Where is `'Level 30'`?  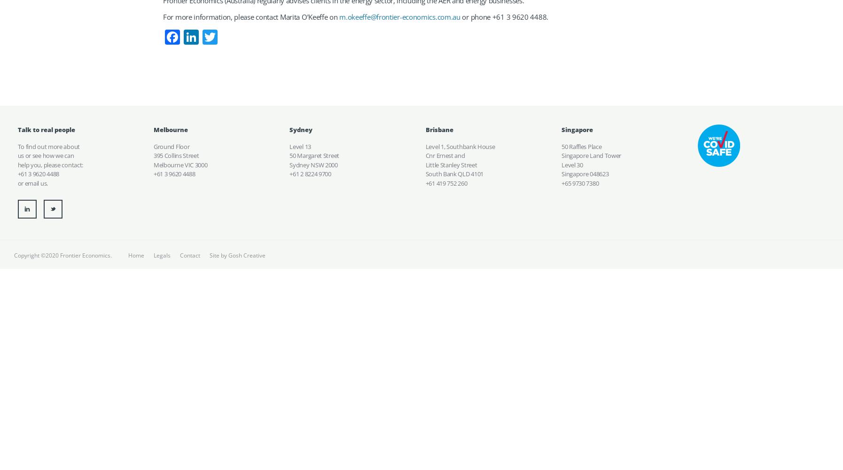
'Level 30' is located at coordinates (571, 164).